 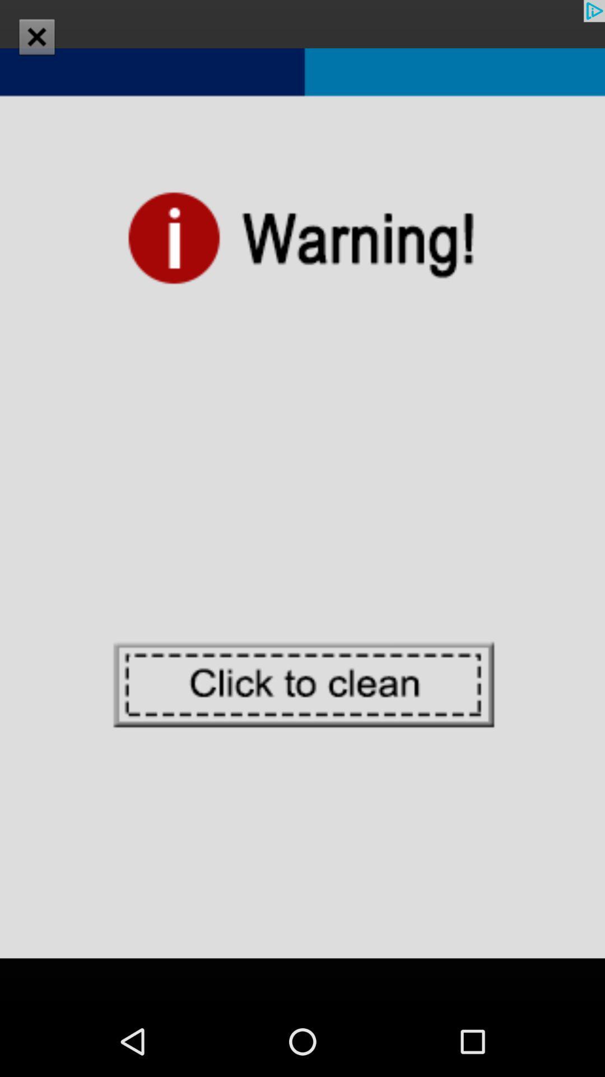 I want to click on the close icon, so click(x=36, y=39).